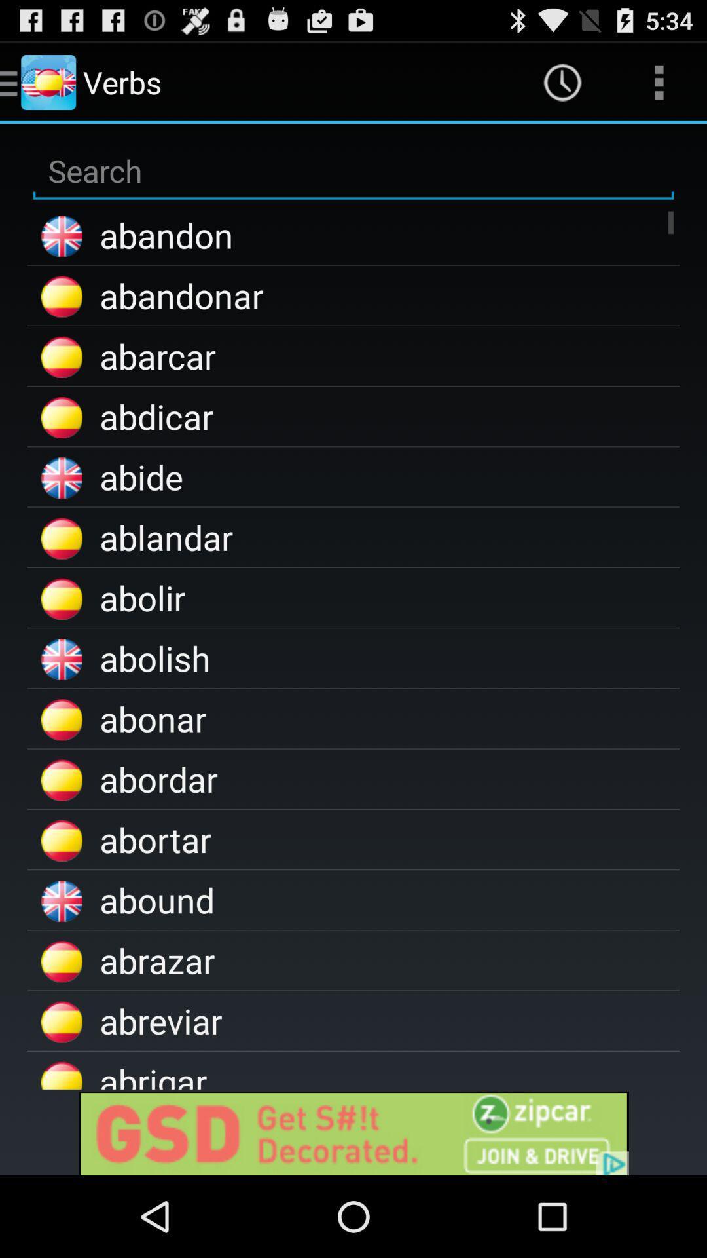 The height and width of the screenshot is (1258, 707). Describe the element at coordinates (353, 1132) in the screenshot. I see `advertisement` at that location.